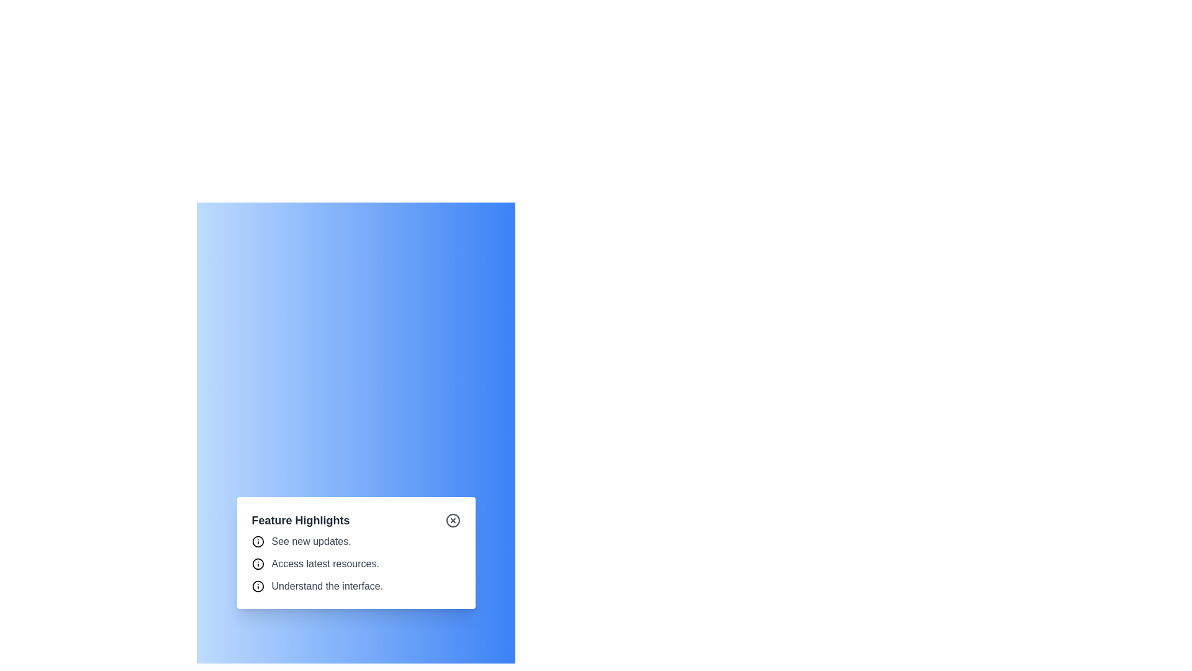 The image size is (1192, 671). Describe the element at coordinates (257, 587) in the screenshot. I see `the dark circular information icon located to the left of the text 'Understand the interface.' in the 'Feature Highlights' modal` at that location.